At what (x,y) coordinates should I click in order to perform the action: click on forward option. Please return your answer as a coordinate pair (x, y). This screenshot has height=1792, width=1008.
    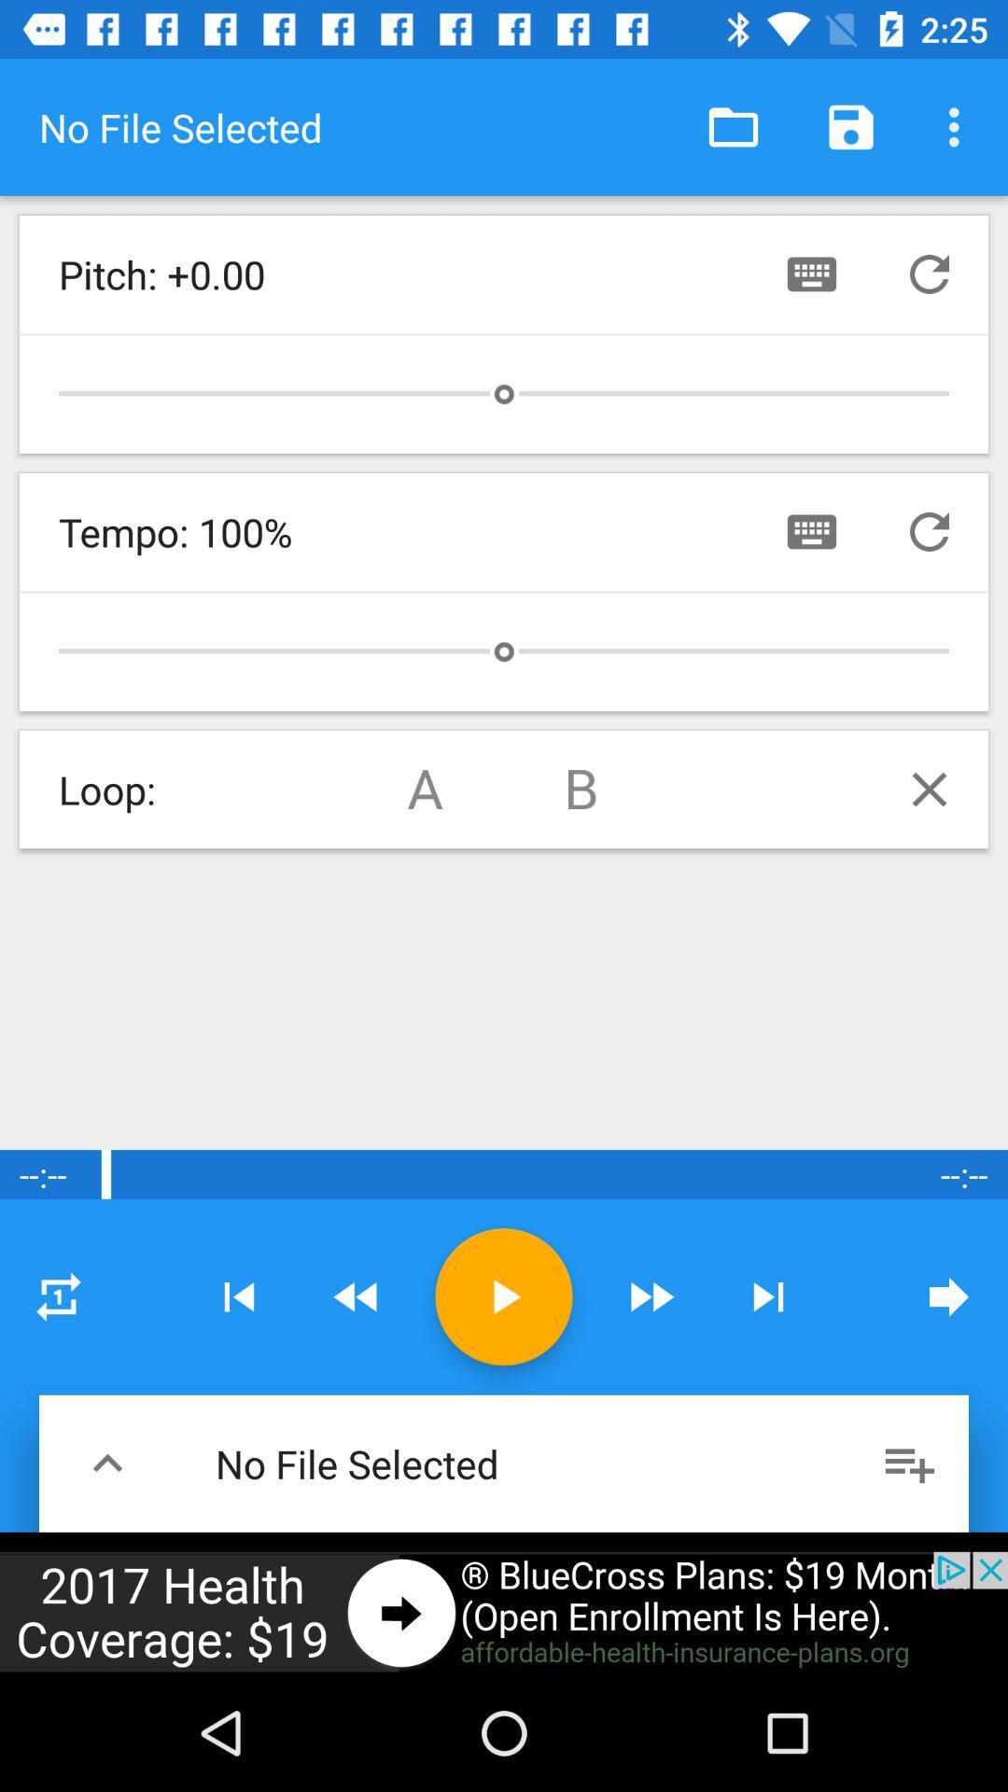
    Looking at the image, I should click on (650, 1295).